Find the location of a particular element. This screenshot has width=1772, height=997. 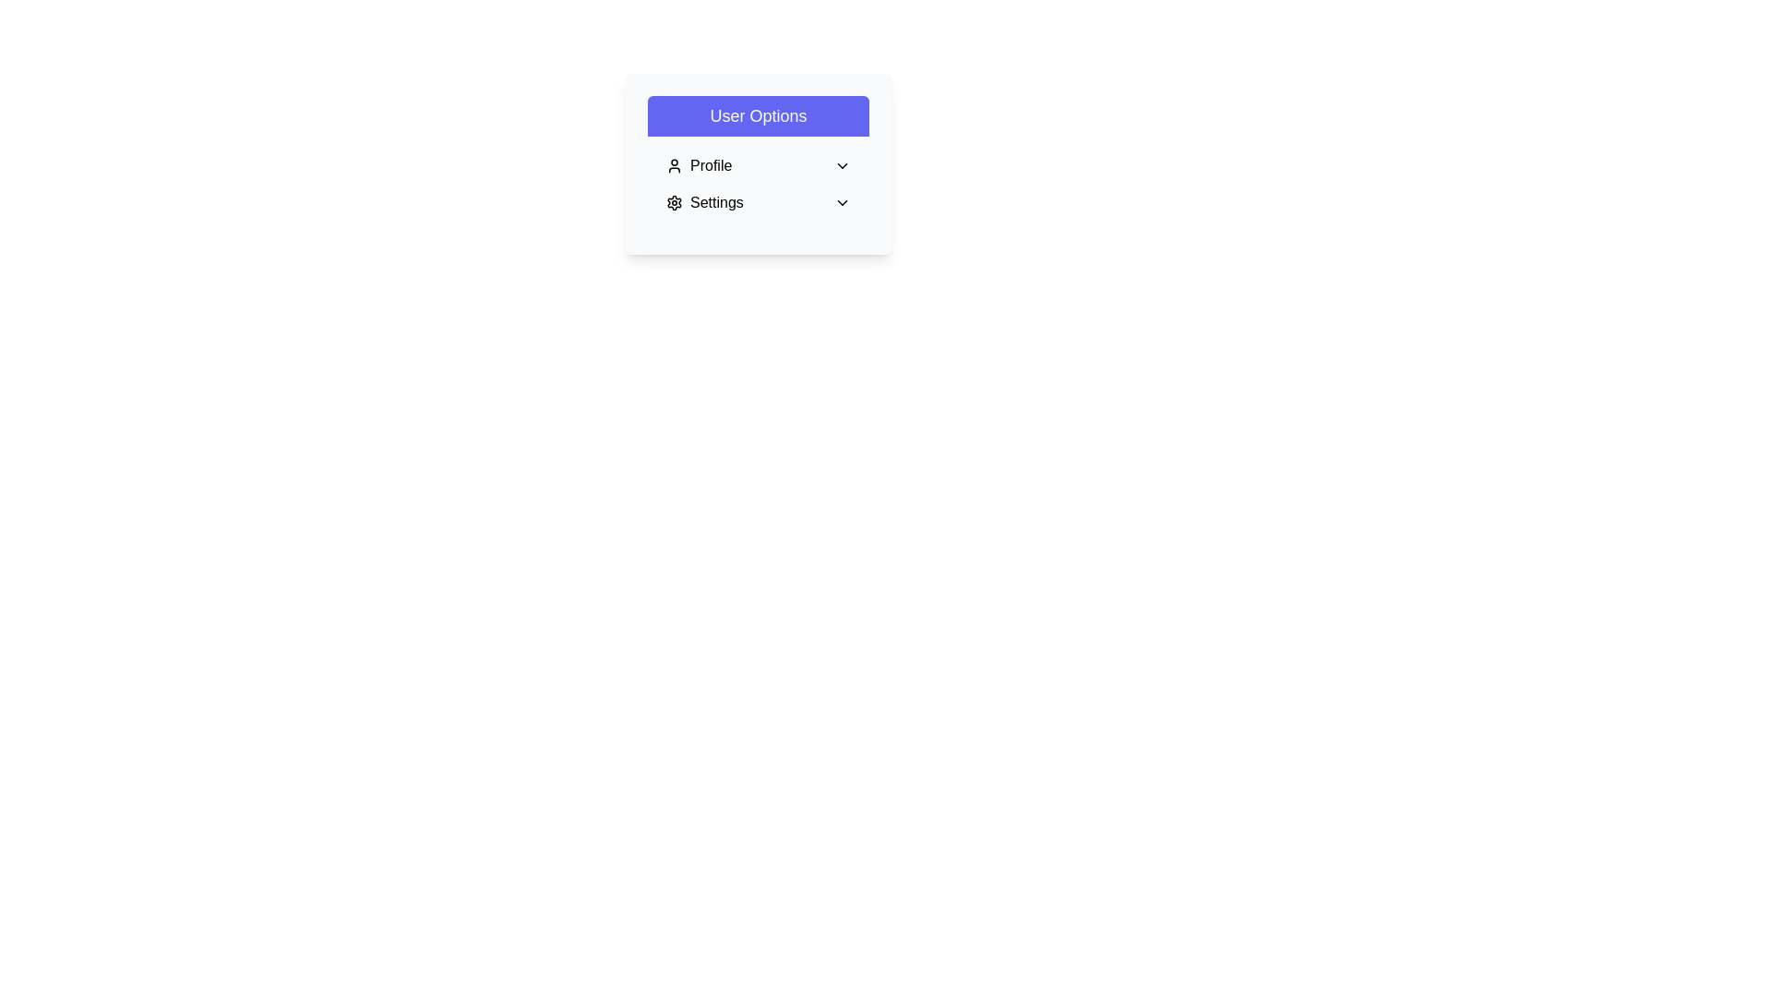

the 'Settings' drop-down menu option located beneath the 'Profile' option in the 'User Options' section is located at coordinates (758, 202).